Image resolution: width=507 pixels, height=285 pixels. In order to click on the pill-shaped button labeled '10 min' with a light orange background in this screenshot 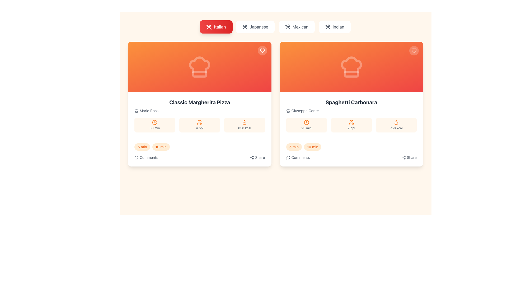, I will do `click(313, 147)`.